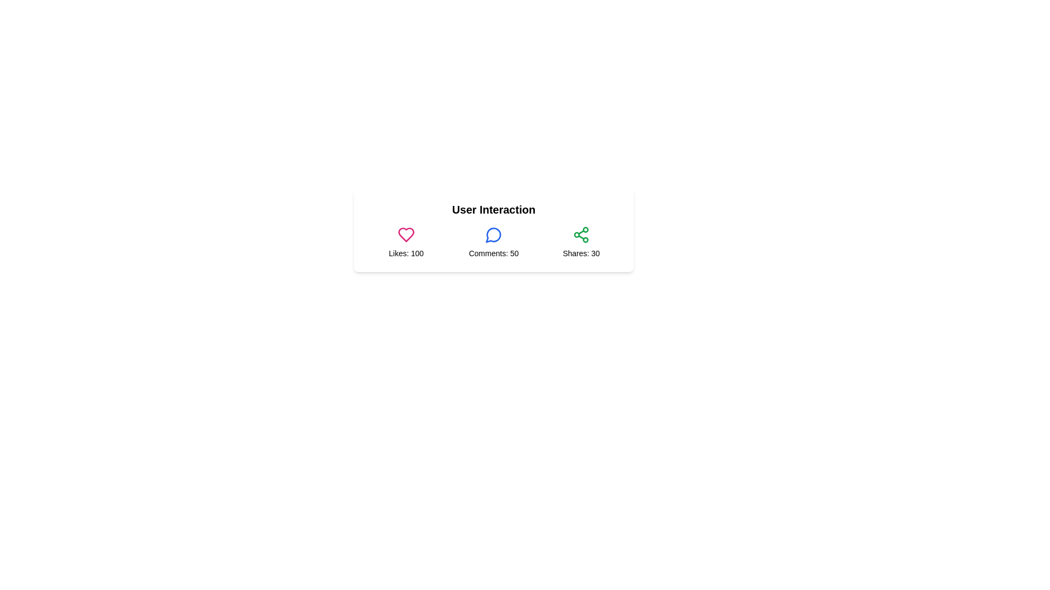 The image size is (1050, 590). What do you see at coordinates (406, 234) in the screenshot?
I see `the 'Likes' icon, which is the first icon in a row of three interaction icons, labeled with 'Likes: 100' beneath it` at bounding box center [406, 234].